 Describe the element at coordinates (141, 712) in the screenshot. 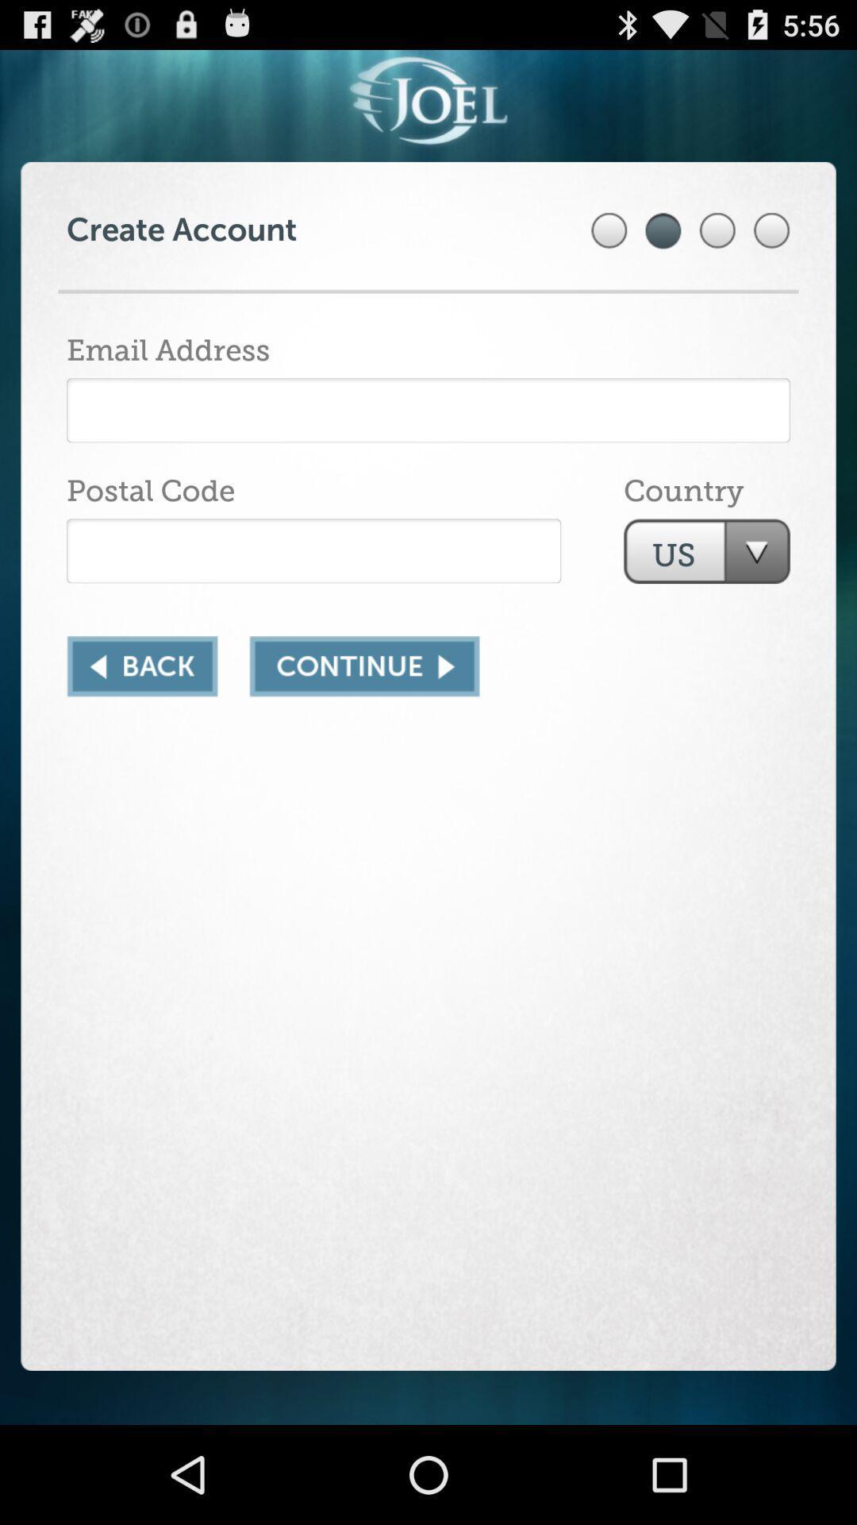

I see `the av_rewind icon` at that location.